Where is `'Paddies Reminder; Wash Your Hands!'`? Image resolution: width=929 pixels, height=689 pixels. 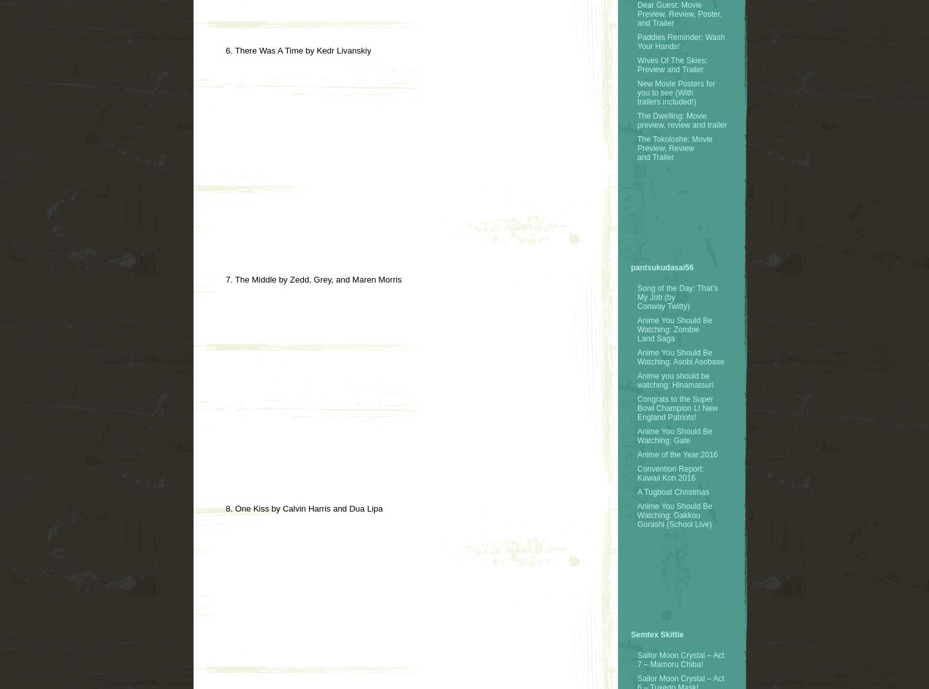 'Paddies Reminder; Wash Your Hands!' is located at coordinates (681, 40).